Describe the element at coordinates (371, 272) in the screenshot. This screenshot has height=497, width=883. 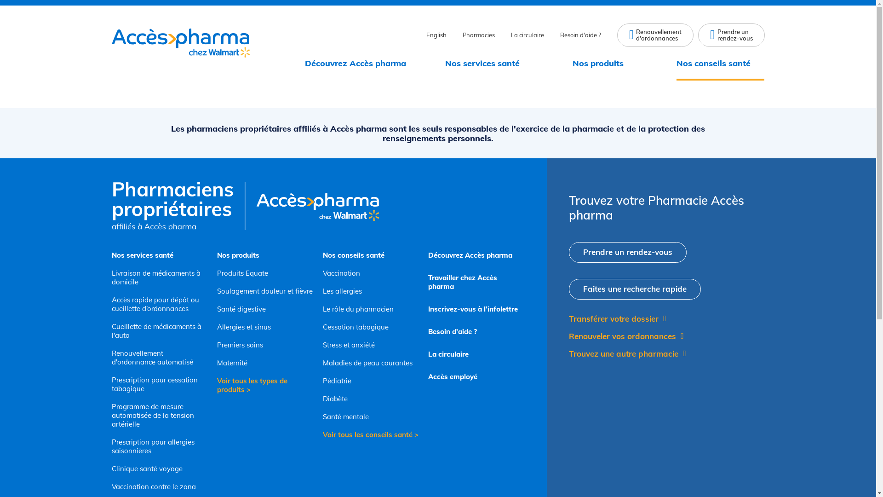
I see `'Vaccination'` at that location.